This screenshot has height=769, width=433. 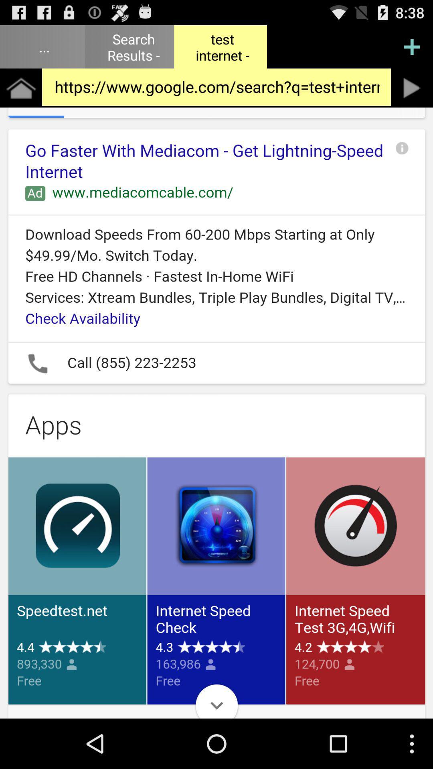 What do you see at coordinates (20, 88) in the screenshot?
I see `go home` at bounding box center [20, 88].